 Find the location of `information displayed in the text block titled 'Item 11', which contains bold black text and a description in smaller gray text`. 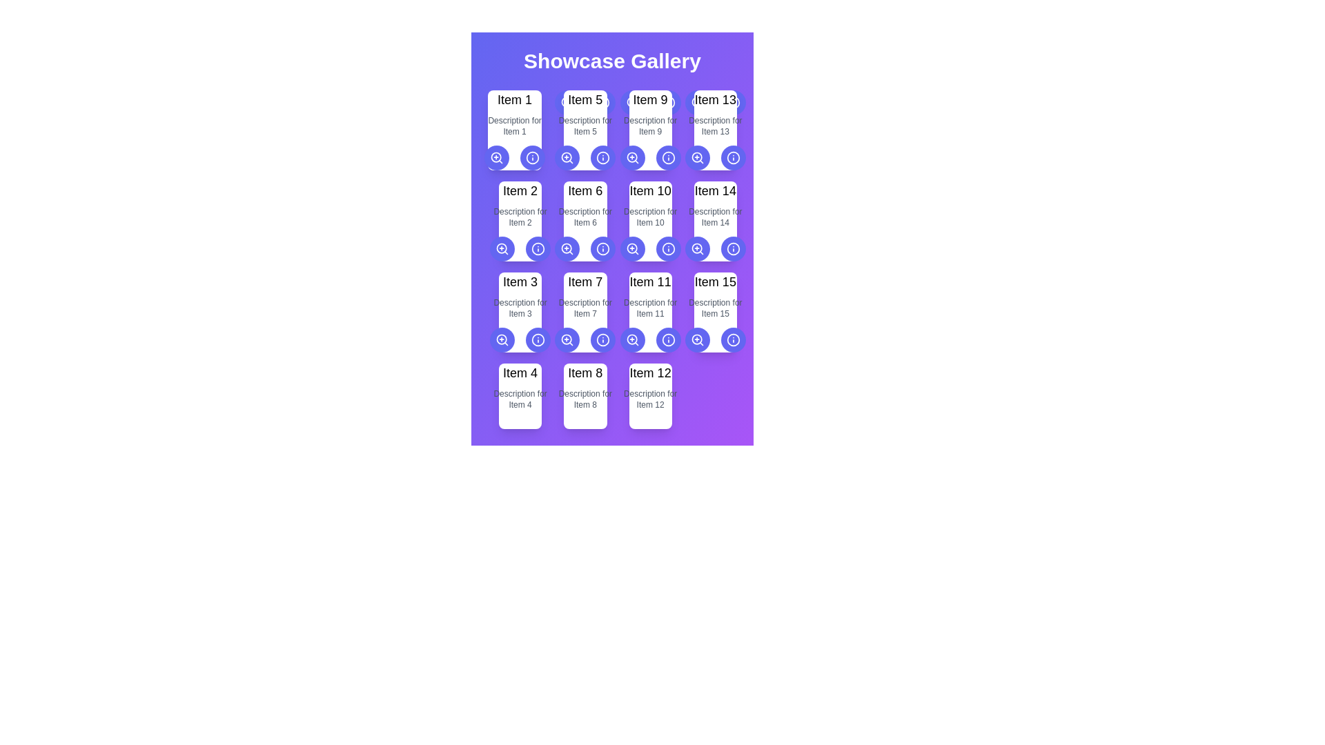

information displayed in the text block titled 'Item 11', which contains bold black text and a description in smaller gray text is located at coordinates (649, 312).